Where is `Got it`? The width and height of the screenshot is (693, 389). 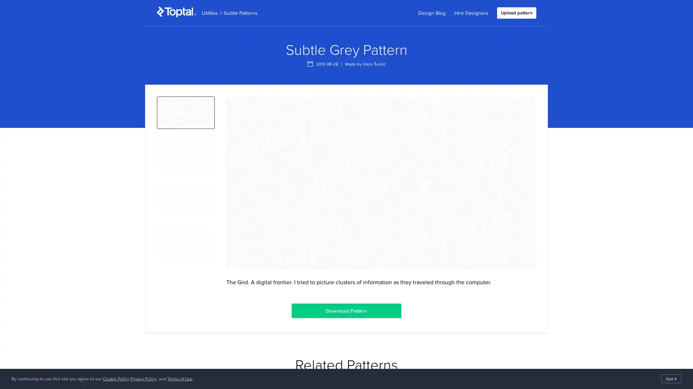
Got it is located at coordinates (671, 379).